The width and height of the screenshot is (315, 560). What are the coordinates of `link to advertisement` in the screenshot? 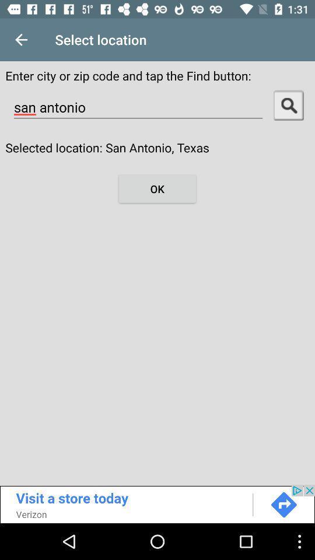 It's located at (157, 503).